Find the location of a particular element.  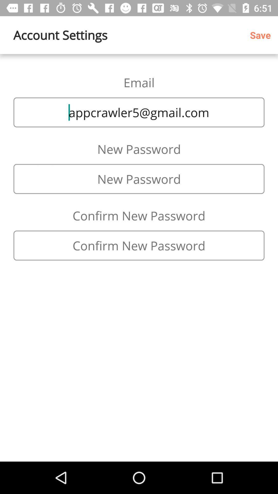

re-enter password is located at coordinates (139, 245).